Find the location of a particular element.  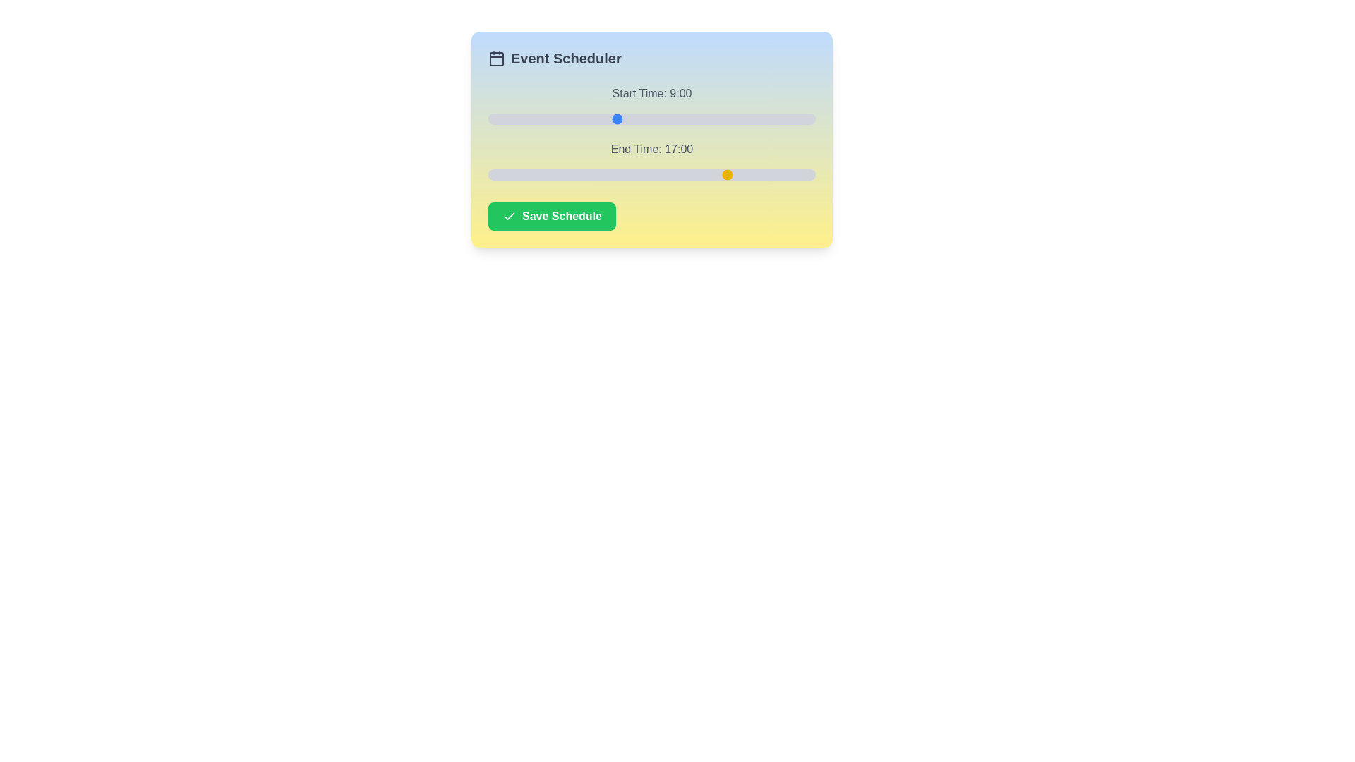

the end time slider to 1 is located at coordinates (502, 174).